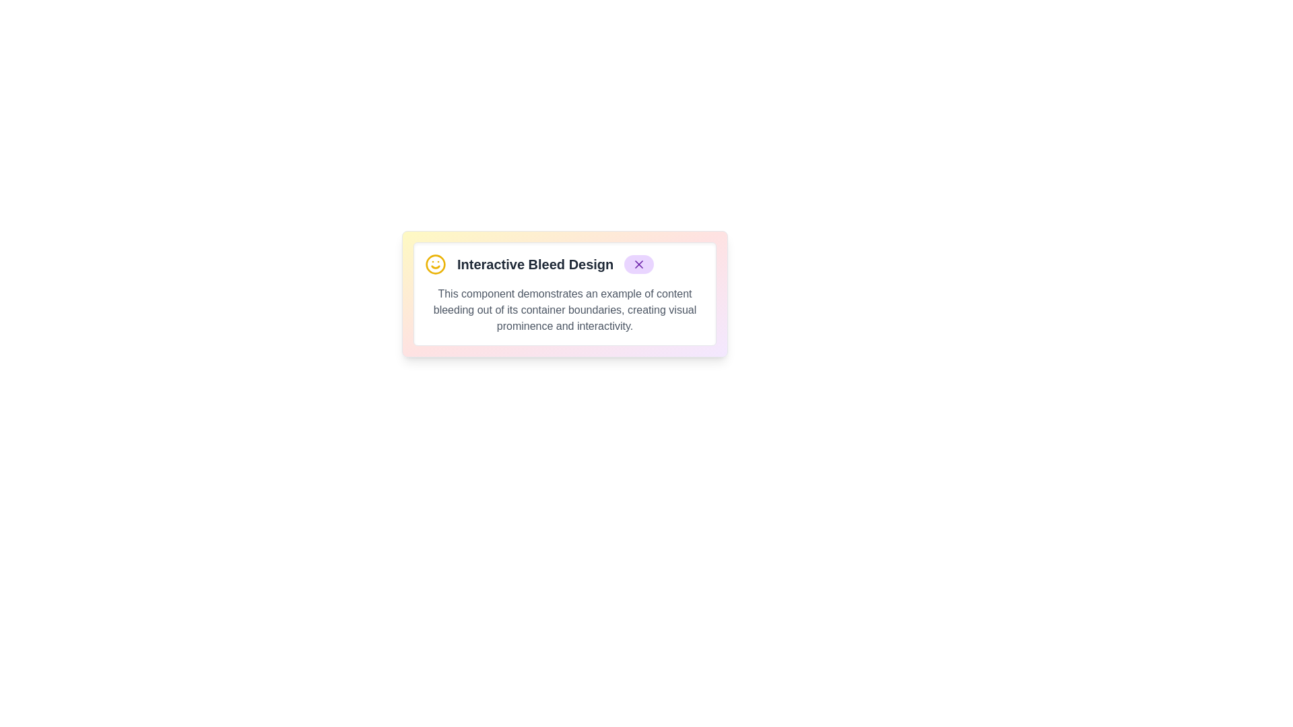 The height and width of the screenshot is (727, 1293). I want to click on the diagonal cross icon button, which is purple and shaped like an 'X', so click(638, 265).